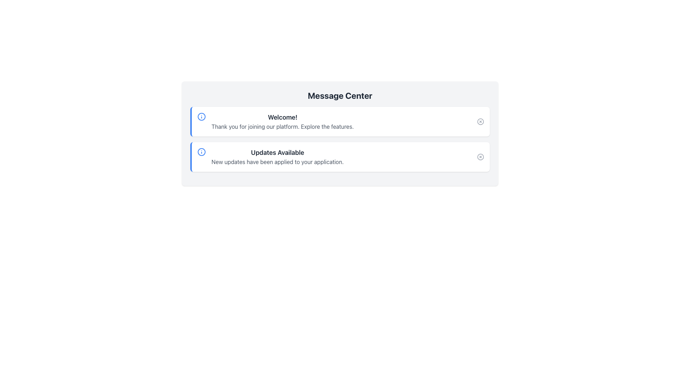  I want to click on the small gray circular button with a cross inside it, located on the far-right side of the message box titled 'Updates Available', so click(480, 156).